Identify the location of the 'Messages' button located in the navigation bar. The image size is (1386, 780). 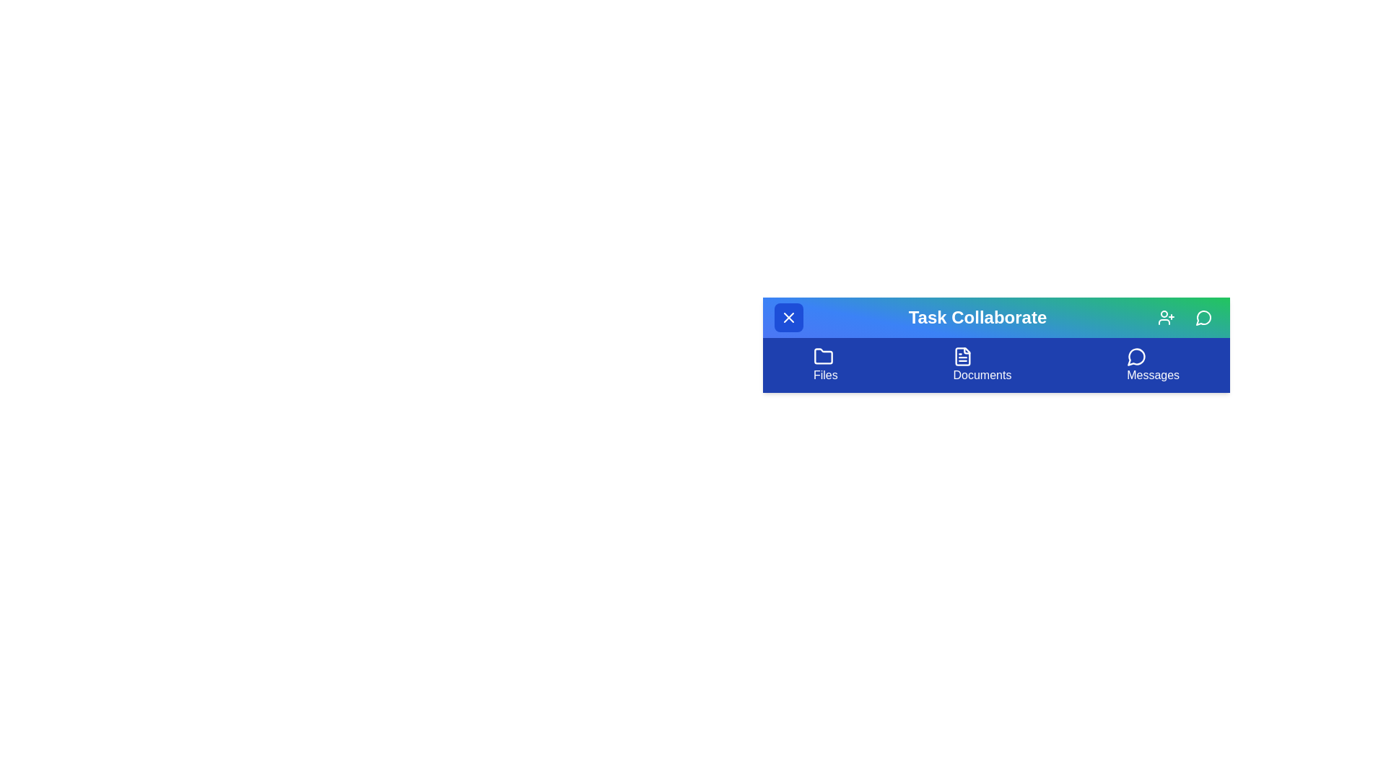
(1152, 364).